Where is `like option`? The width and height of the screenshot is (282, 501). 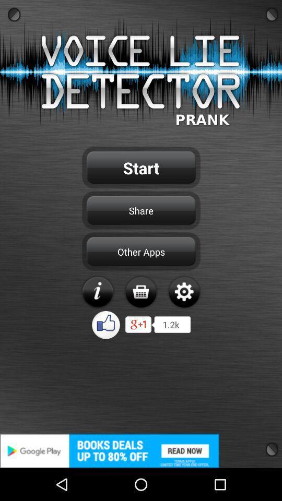
like option is located at coordinates (105, 324).